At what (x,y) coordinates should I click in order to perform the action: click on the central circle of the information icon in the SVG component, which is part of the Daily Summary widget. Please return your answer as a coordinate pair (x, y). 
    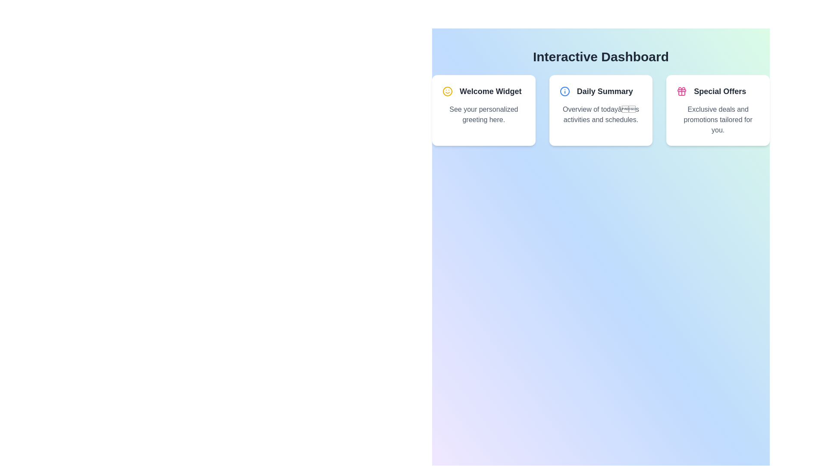
    Looking at the image, I should click on (565, 91).